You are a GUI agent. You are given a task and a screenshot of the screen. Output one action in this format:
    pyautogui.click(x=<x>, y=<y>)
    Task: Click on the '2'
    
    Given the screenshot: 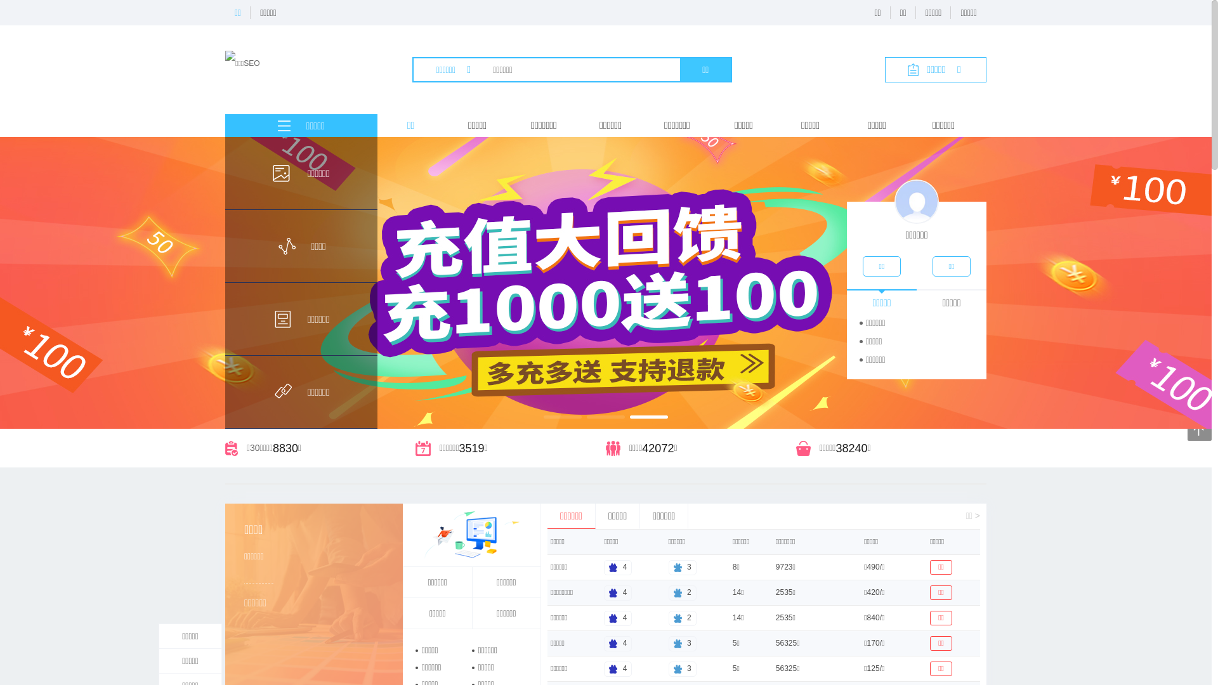 What is the action you would take?
    pyautogui.click(x=681, y=592)
    